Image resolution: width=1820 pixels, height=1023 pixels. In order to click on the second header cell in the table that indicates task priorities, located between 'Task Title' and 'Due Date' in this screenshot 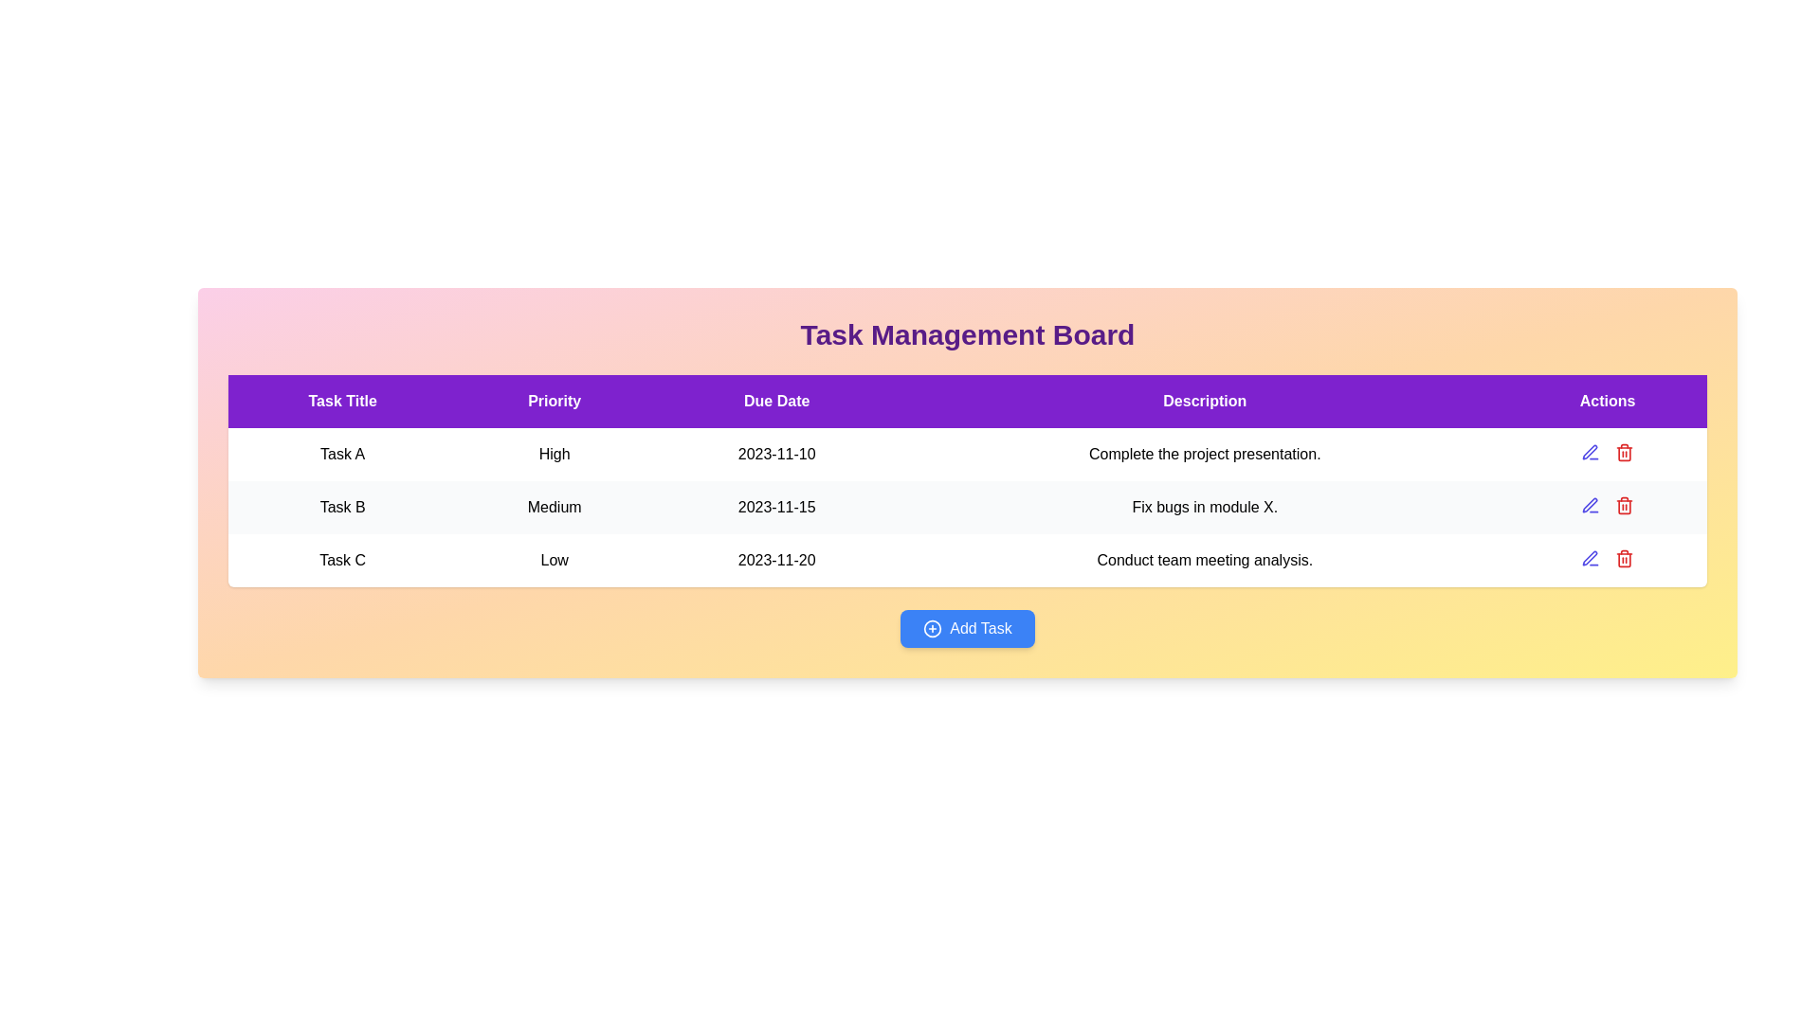, I will do `click(554, 401)`.